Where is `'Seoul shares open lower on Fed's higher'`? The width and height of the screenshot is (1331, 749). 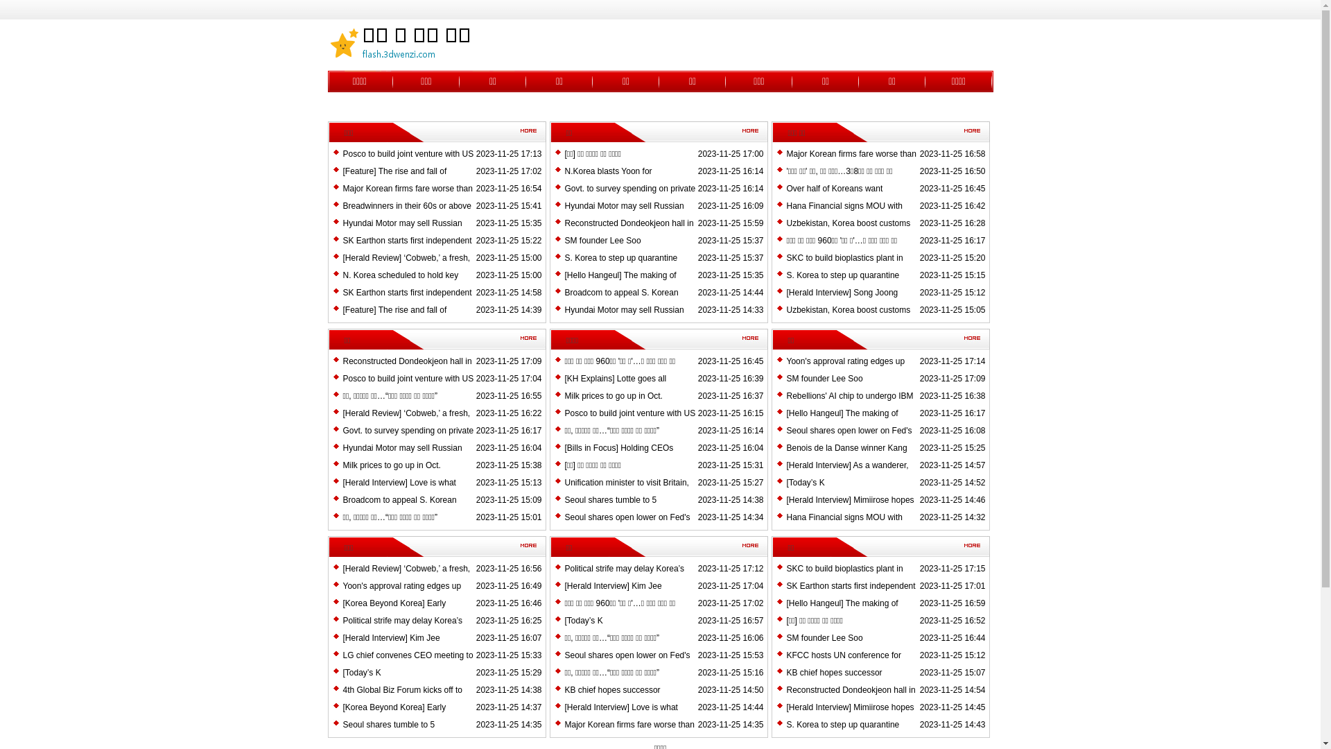
'Seoul shares open lower on Fed's higher' is located at coordinates (626, 526).